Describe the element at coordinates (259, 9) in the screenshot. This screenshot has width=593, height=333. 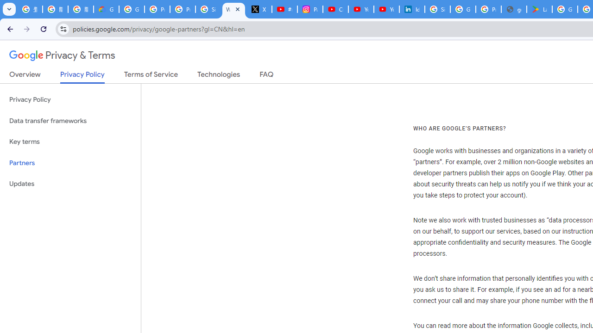
I see `'X'` at that location.